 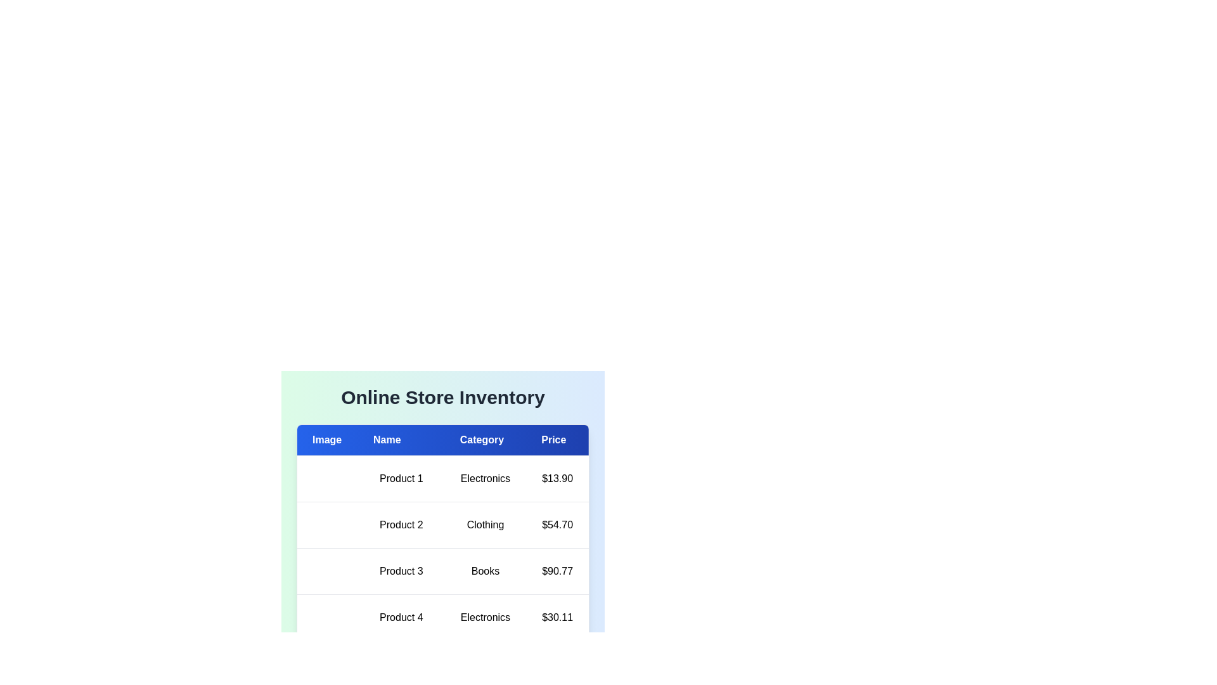 What do you see at coordinates (557, 440) in the screenshot?
I see `the column header to sort the table by Price` at bounding box center [557, 440].